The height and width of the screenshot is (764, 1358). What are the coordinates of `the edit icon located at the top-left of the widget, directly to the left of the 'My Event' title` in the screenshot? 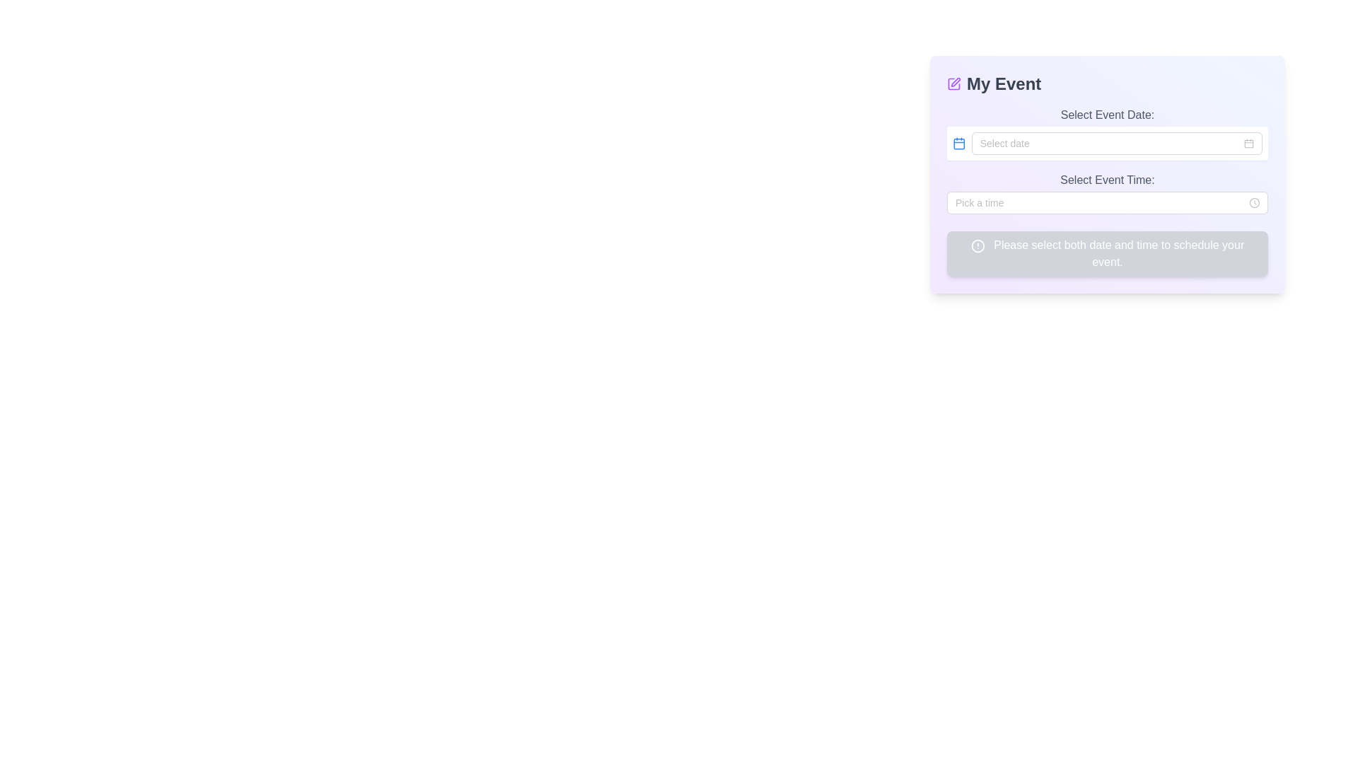 It's located at (953, 84).